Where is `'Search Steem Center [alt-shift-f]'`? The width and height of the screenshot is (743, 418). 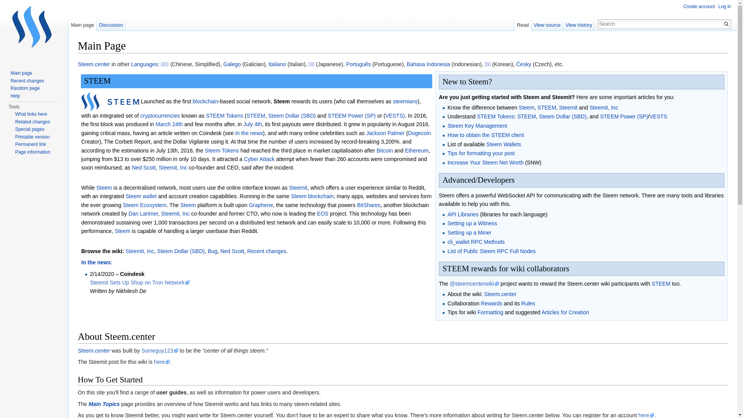
'Search Steem Center [alt-shift-f]' is located at coordinates (659, 23).